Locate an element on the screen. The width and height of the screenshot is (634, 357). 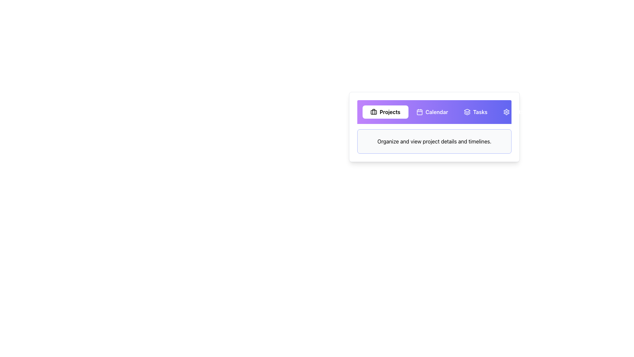
the text label that displays 'Organize and view project details and timelines.' positioned centrally at the top of the layout is located at coordinates (434, 141).